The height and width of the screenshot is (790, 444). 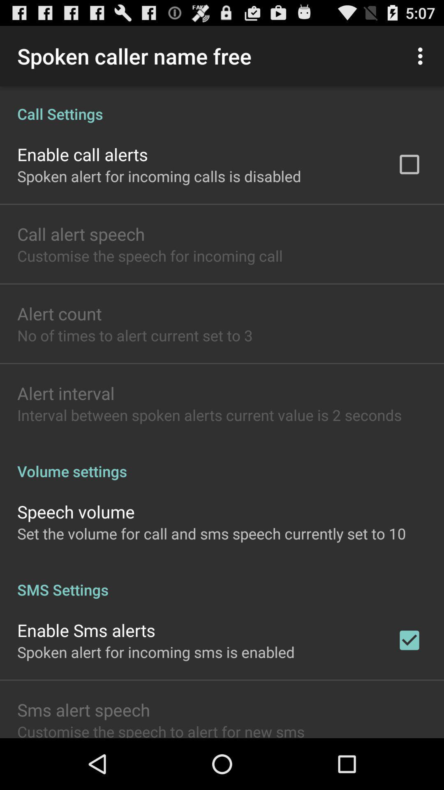 What do you see at coordinates (222, 105) in the screenshot?
I see `icon above the enable call alerts app` at bounding box center [222, 105].